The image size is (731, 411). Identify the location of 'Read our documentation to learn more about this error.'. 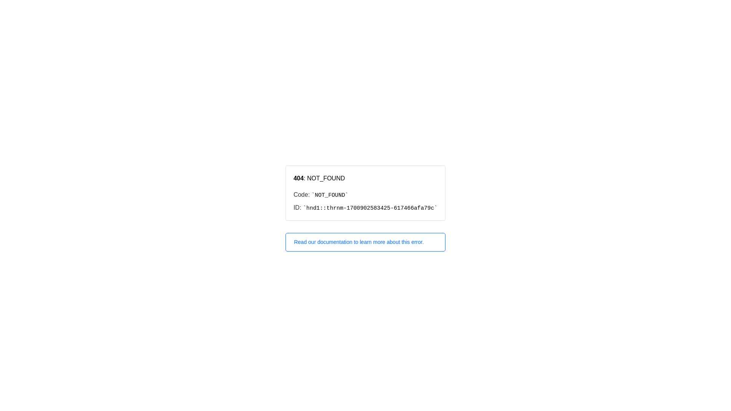
(365, 242).